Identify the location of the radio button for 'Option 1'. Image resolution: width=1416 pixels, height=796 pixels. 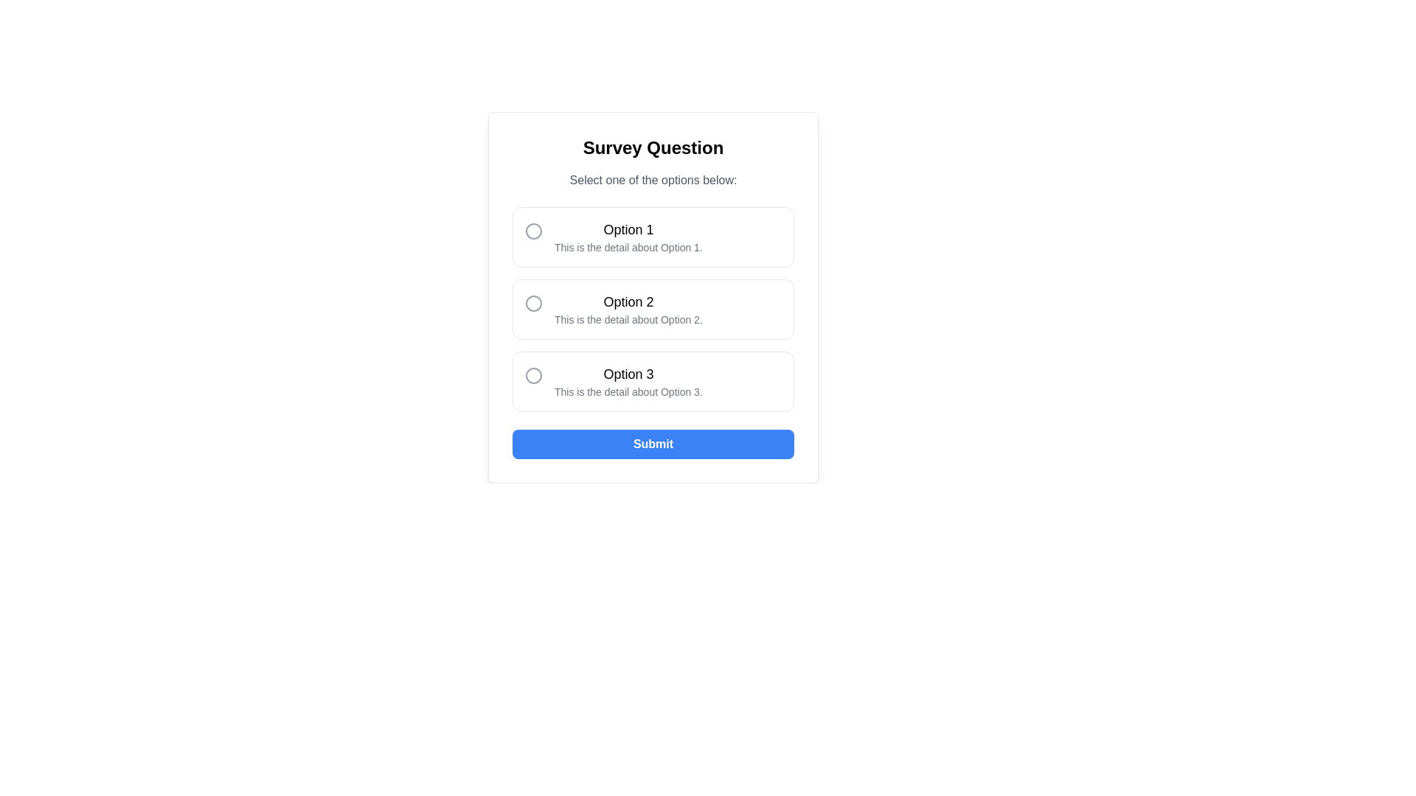
(533, 231).